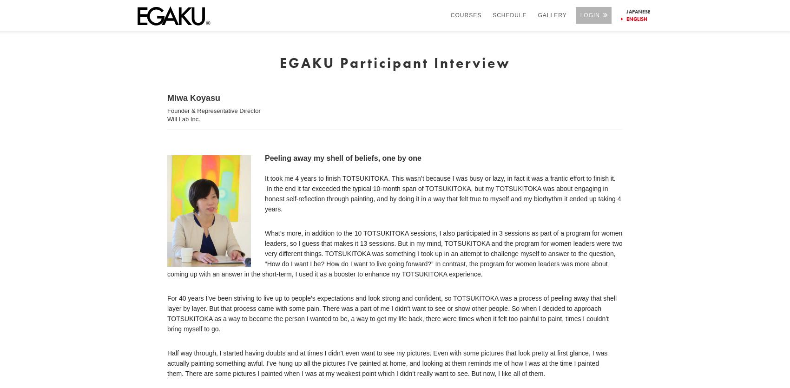  Describe the element at coordinates (551, 15) in the screenshot. I see `'GALLERY'` at that location.